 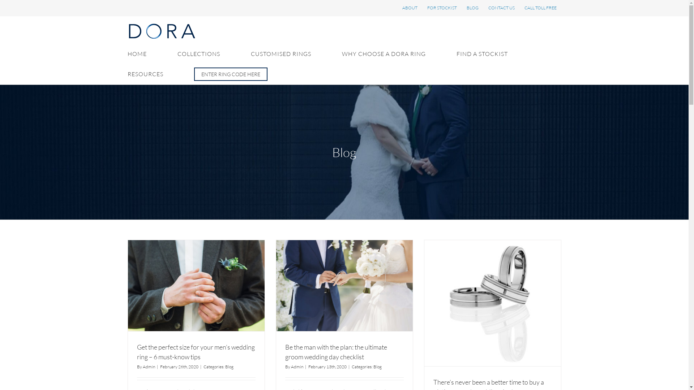 I want to click on 'CALL TOLL FREE', so click(x=540, y=8).